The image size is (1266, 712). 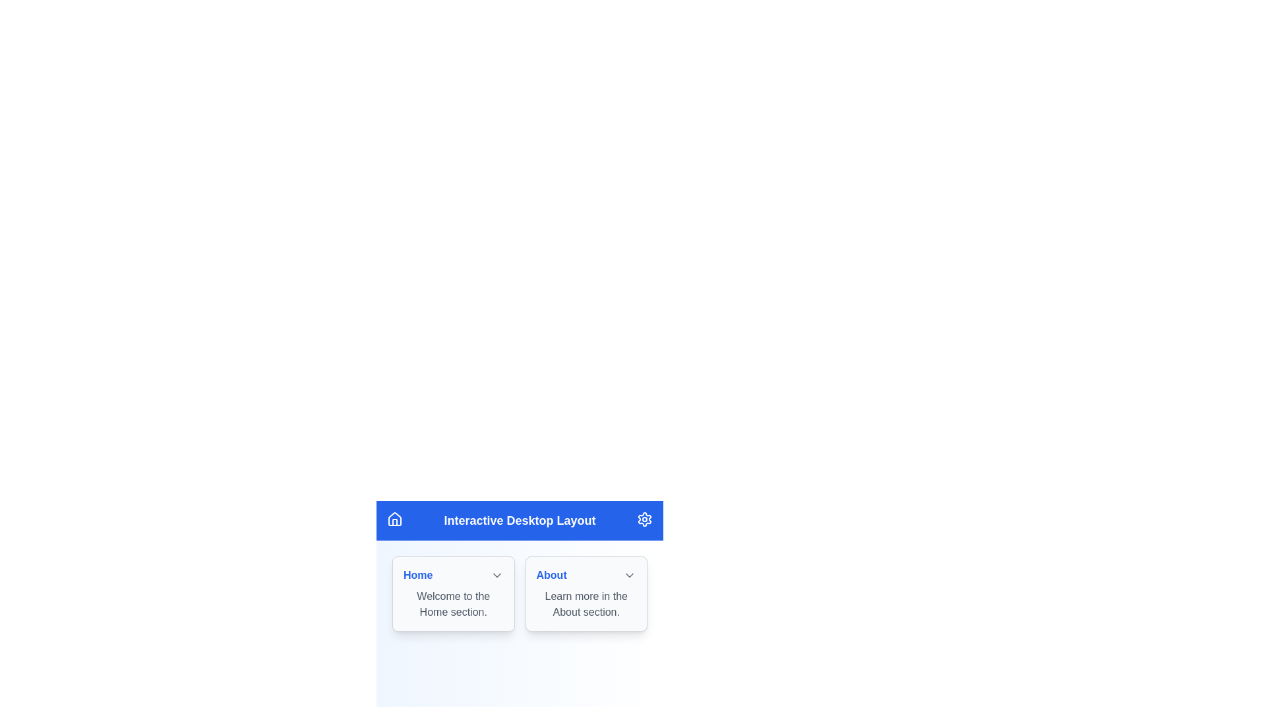 What do you see at coordinates (394, 518) in the screenshot?
I see `the house icon in the blue navigation bar located at the top-left corner of the interface` at bounding box center [394, 518].